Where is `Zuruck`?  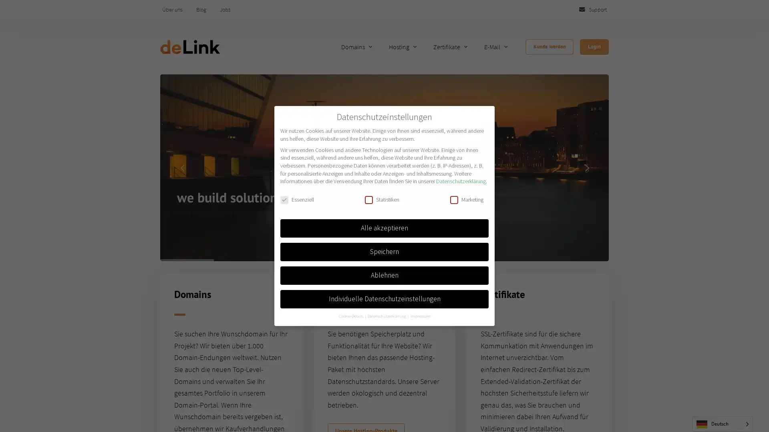 Zuruck is located at coordinates (481, 412).